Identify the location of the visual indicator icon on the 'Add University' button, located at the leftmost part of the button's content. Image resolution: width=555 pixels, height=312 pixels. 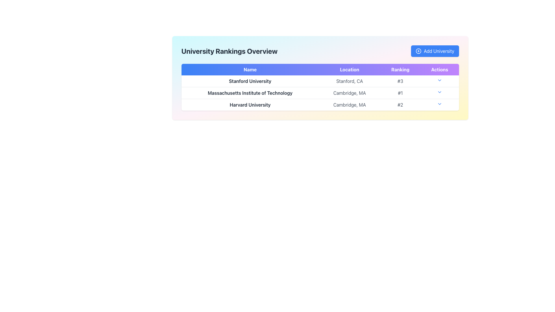
(419, 51).